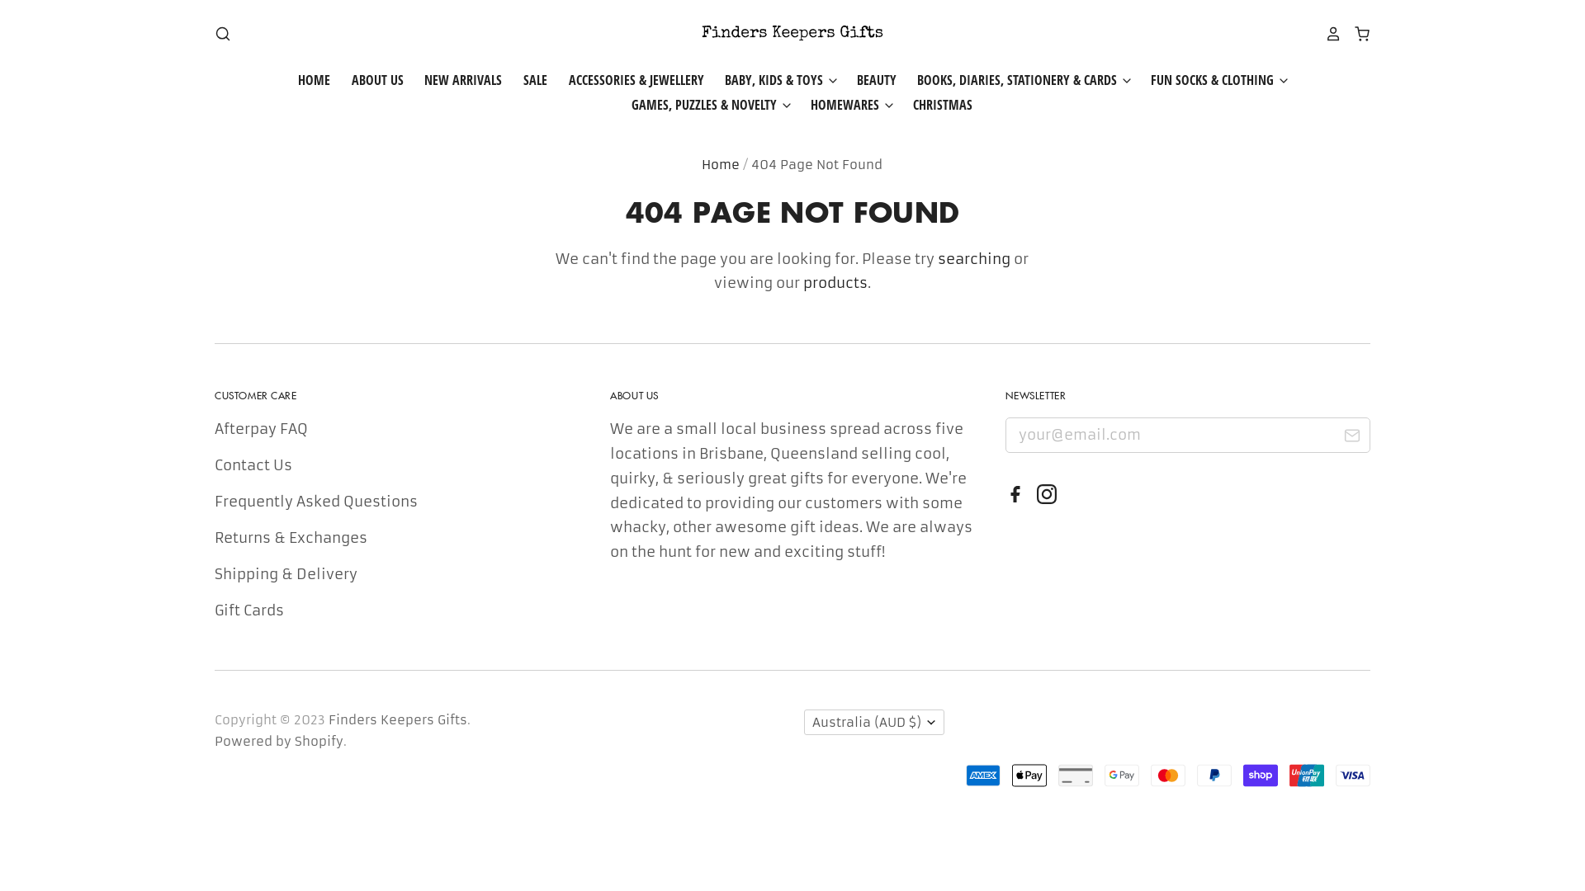  I want to click on 'searching', so click(974, 258).